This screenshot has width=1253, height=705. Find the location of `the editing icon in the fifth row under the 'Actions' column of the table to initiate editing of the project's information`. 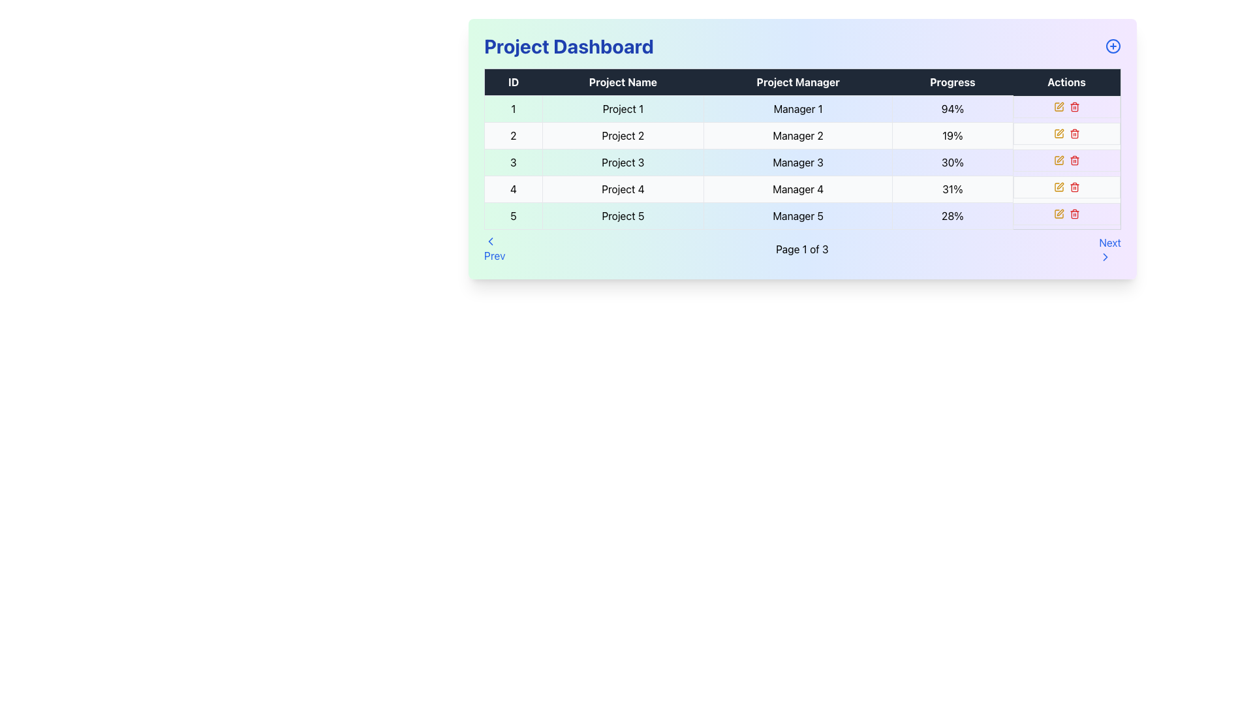

the editing icon in the fifth row under the 'Actions' column of the table to initiate editing of the project's information is located at coordinates (1060, 104).